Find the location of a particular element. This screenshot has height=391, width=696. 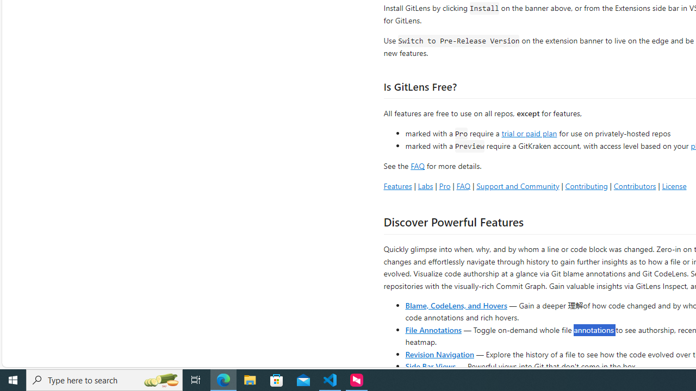

'Features' is located at coordinates (397, 185).